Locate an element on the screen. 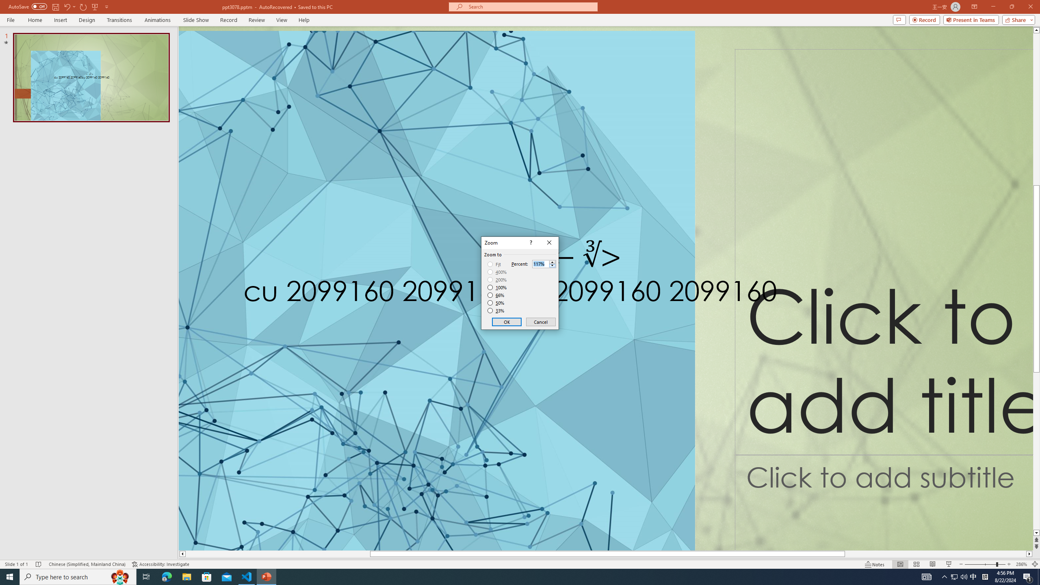  'Fit' is located at coordinates (494, 264).